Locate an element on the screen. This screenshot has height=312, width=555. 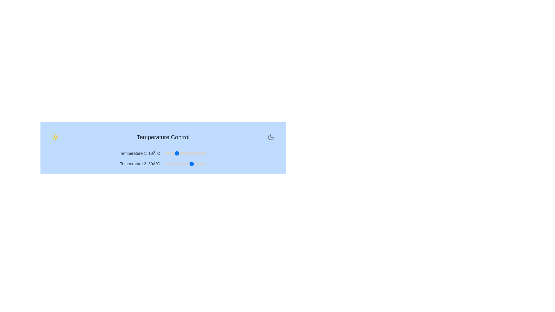
the blue handle of the Slider component labeled 'Temperature 2: 30Â°C' is located at coordinates (163, 164).